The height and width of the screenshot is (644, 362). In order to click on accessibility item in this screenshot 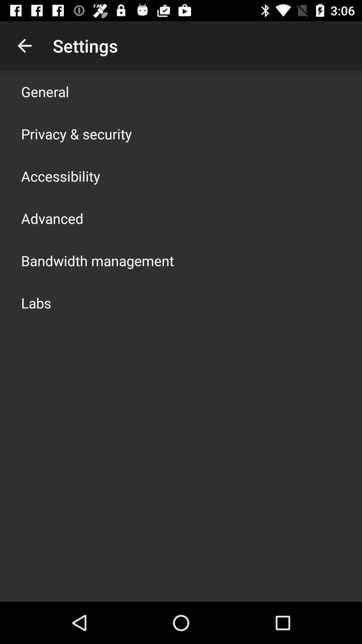, I will do `click(61, 176)`.